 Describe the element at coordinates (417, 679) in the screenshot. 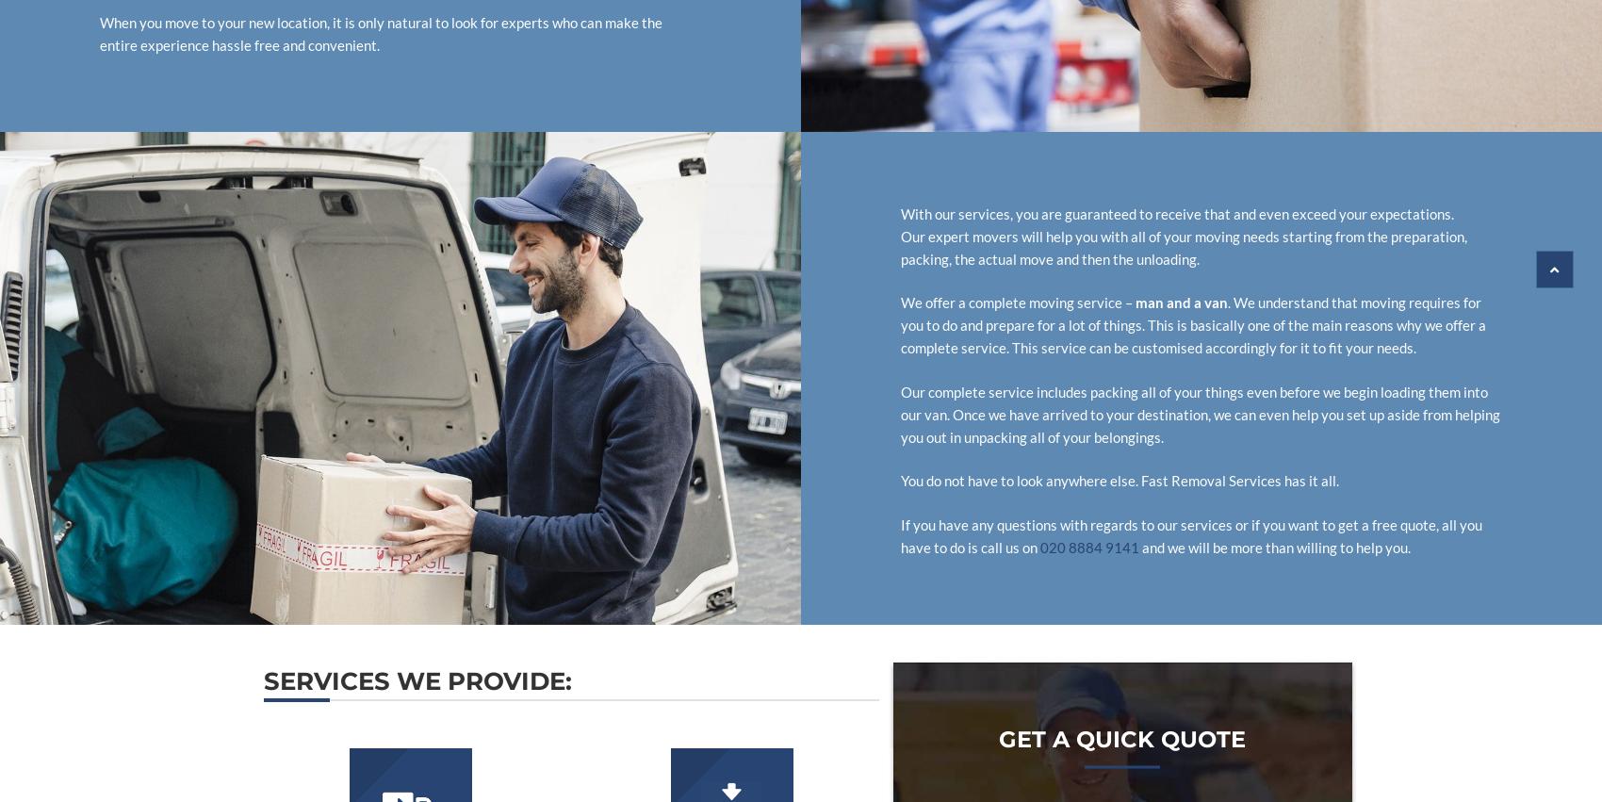

I see `'Services we provide:'` at that location.